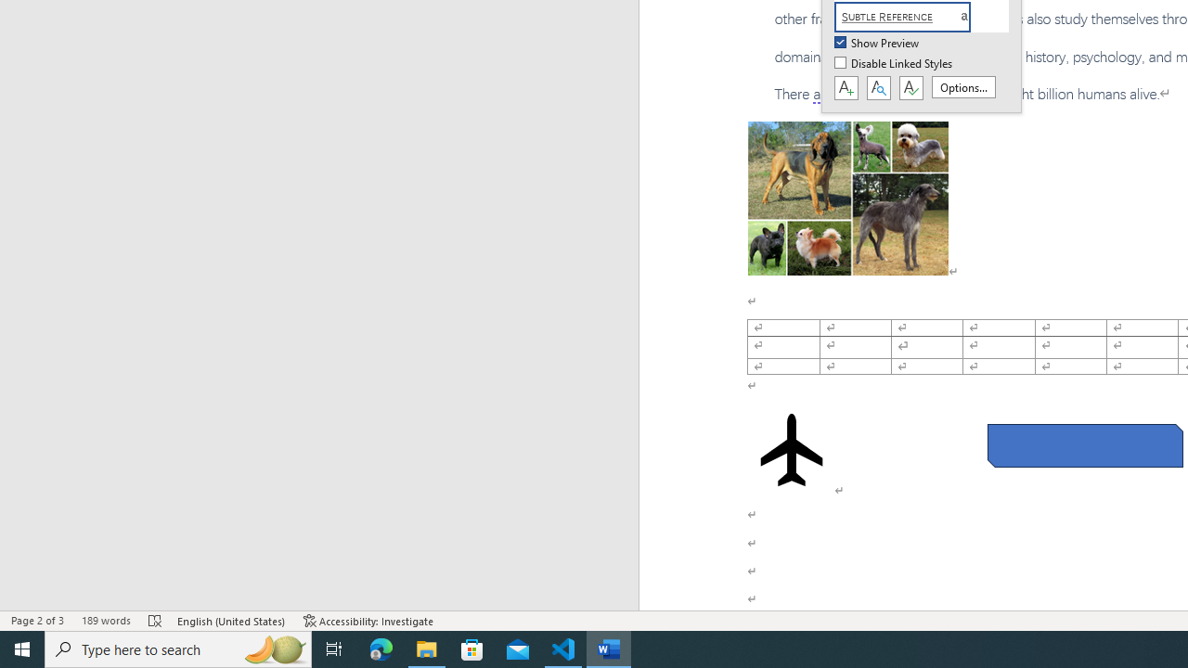  Describe the element at coordinates (910, 88) in the screenshot. I see `'Class: NetUIButton'` at that location.